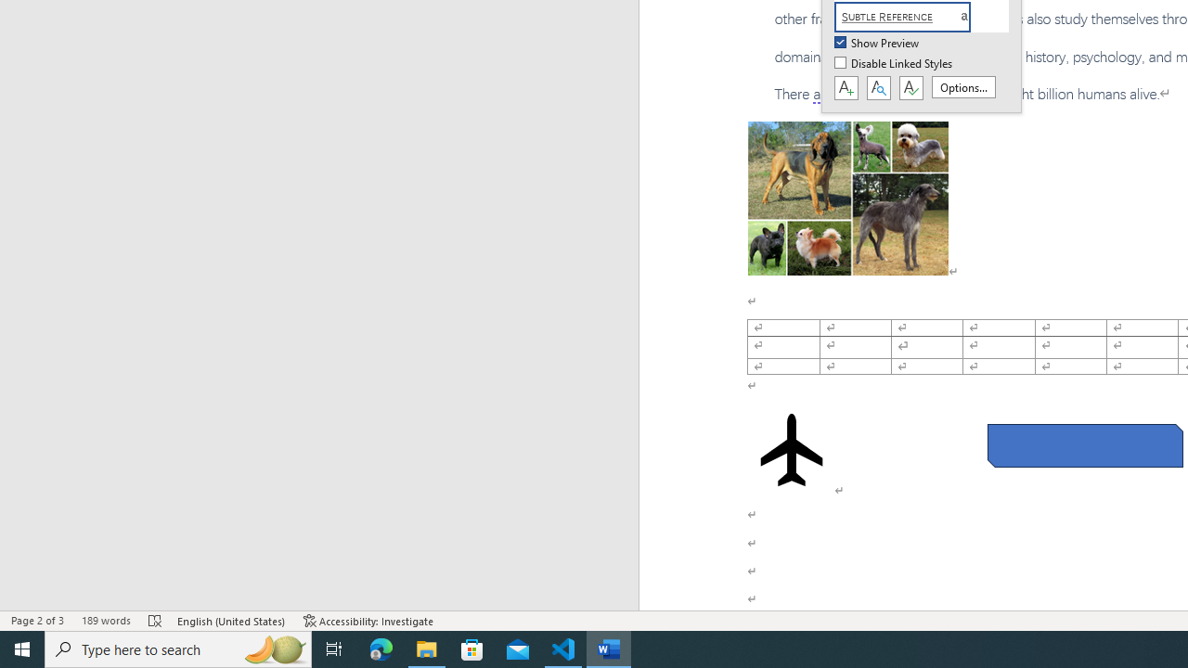  Describe the element at coordinates (910, 88) in the screenshot. I see `'Class: NetUIButton'` at that location.